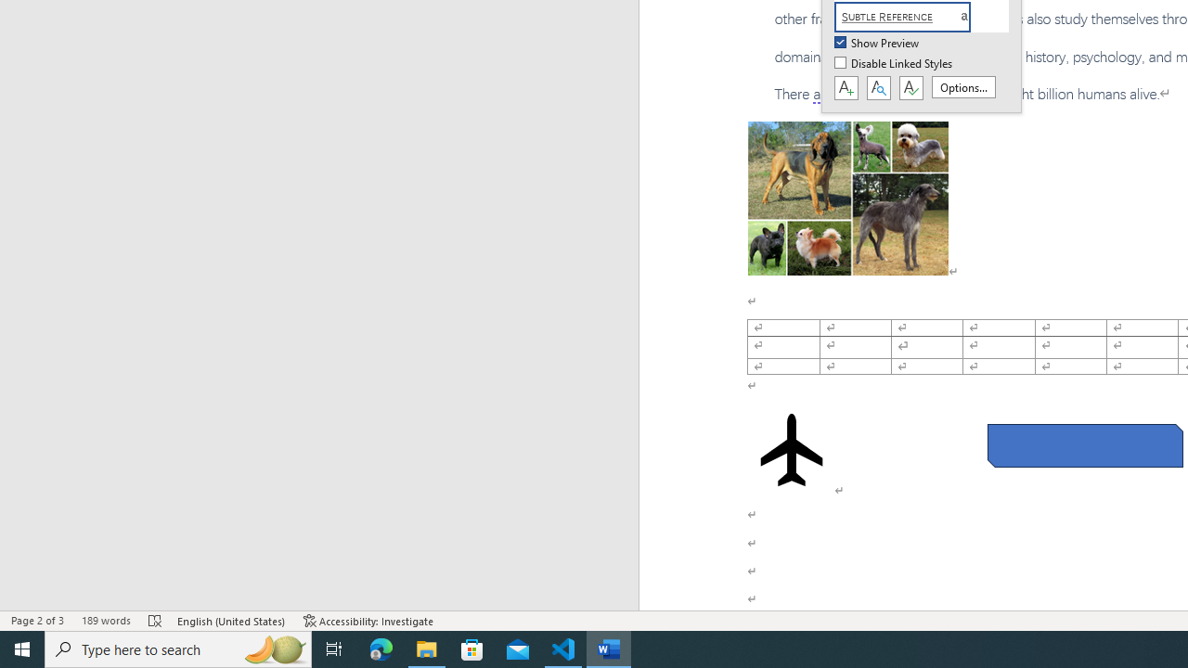  Describe the element at coordinates (910, 88) in the screenshot. I see `'Class: NetUIButton'` at that location.